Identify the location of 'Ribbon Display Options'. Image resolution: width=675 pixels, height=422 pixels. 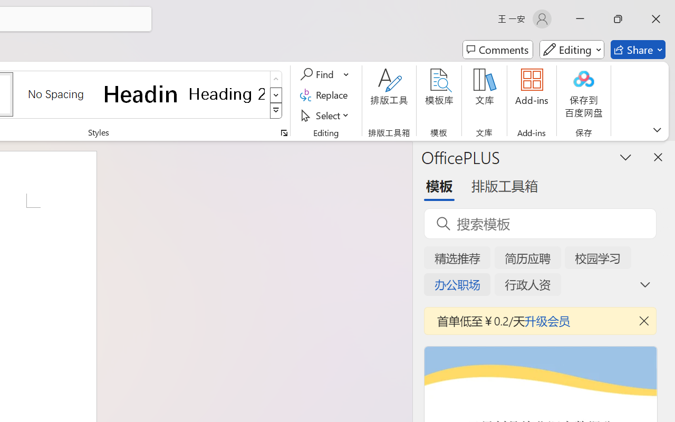
(657, 129).